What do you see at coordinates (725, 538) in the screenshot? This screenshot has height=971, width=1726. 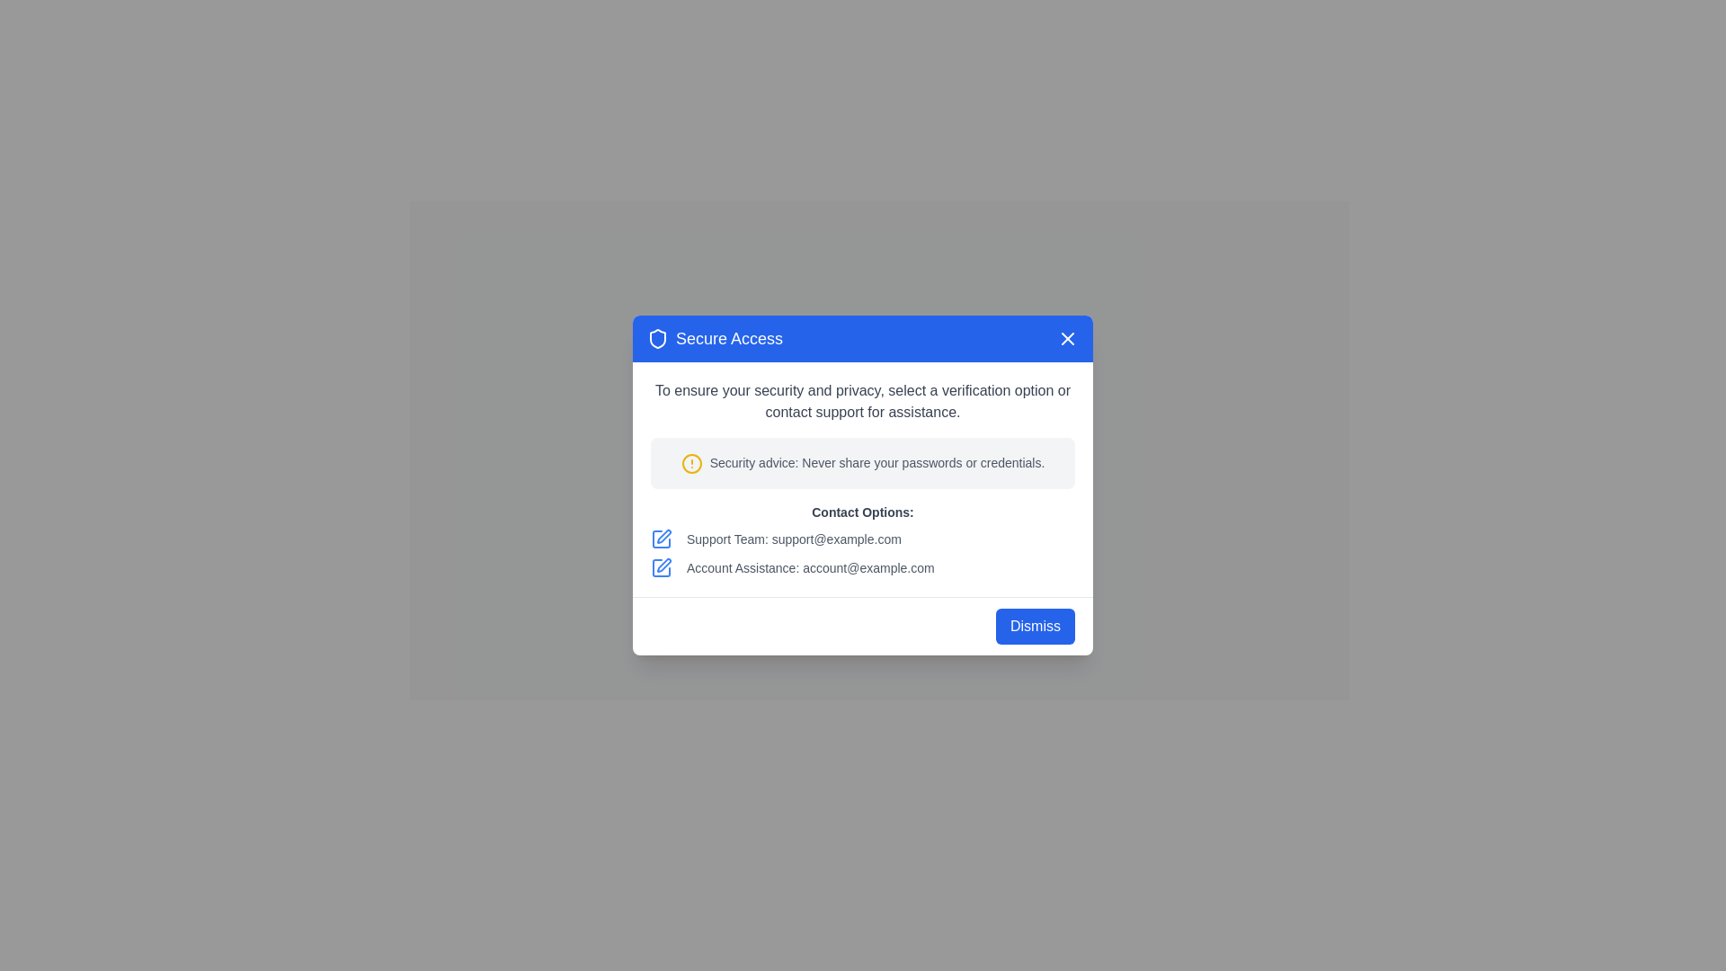 I see `the text label that identifies the support team's contact information, which displays 'Support Team: support@example.com'` at bounding box center [725, 538].